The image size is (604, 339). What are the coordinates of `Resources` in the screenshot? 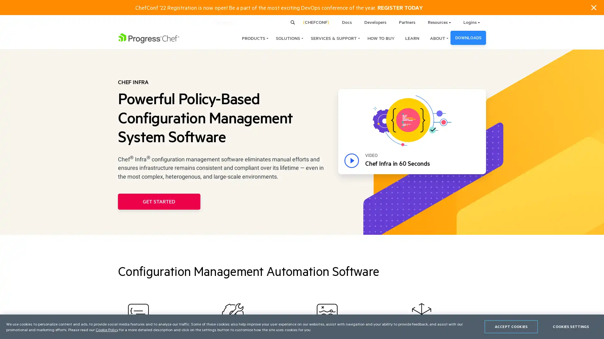 It's located at (439, 22).